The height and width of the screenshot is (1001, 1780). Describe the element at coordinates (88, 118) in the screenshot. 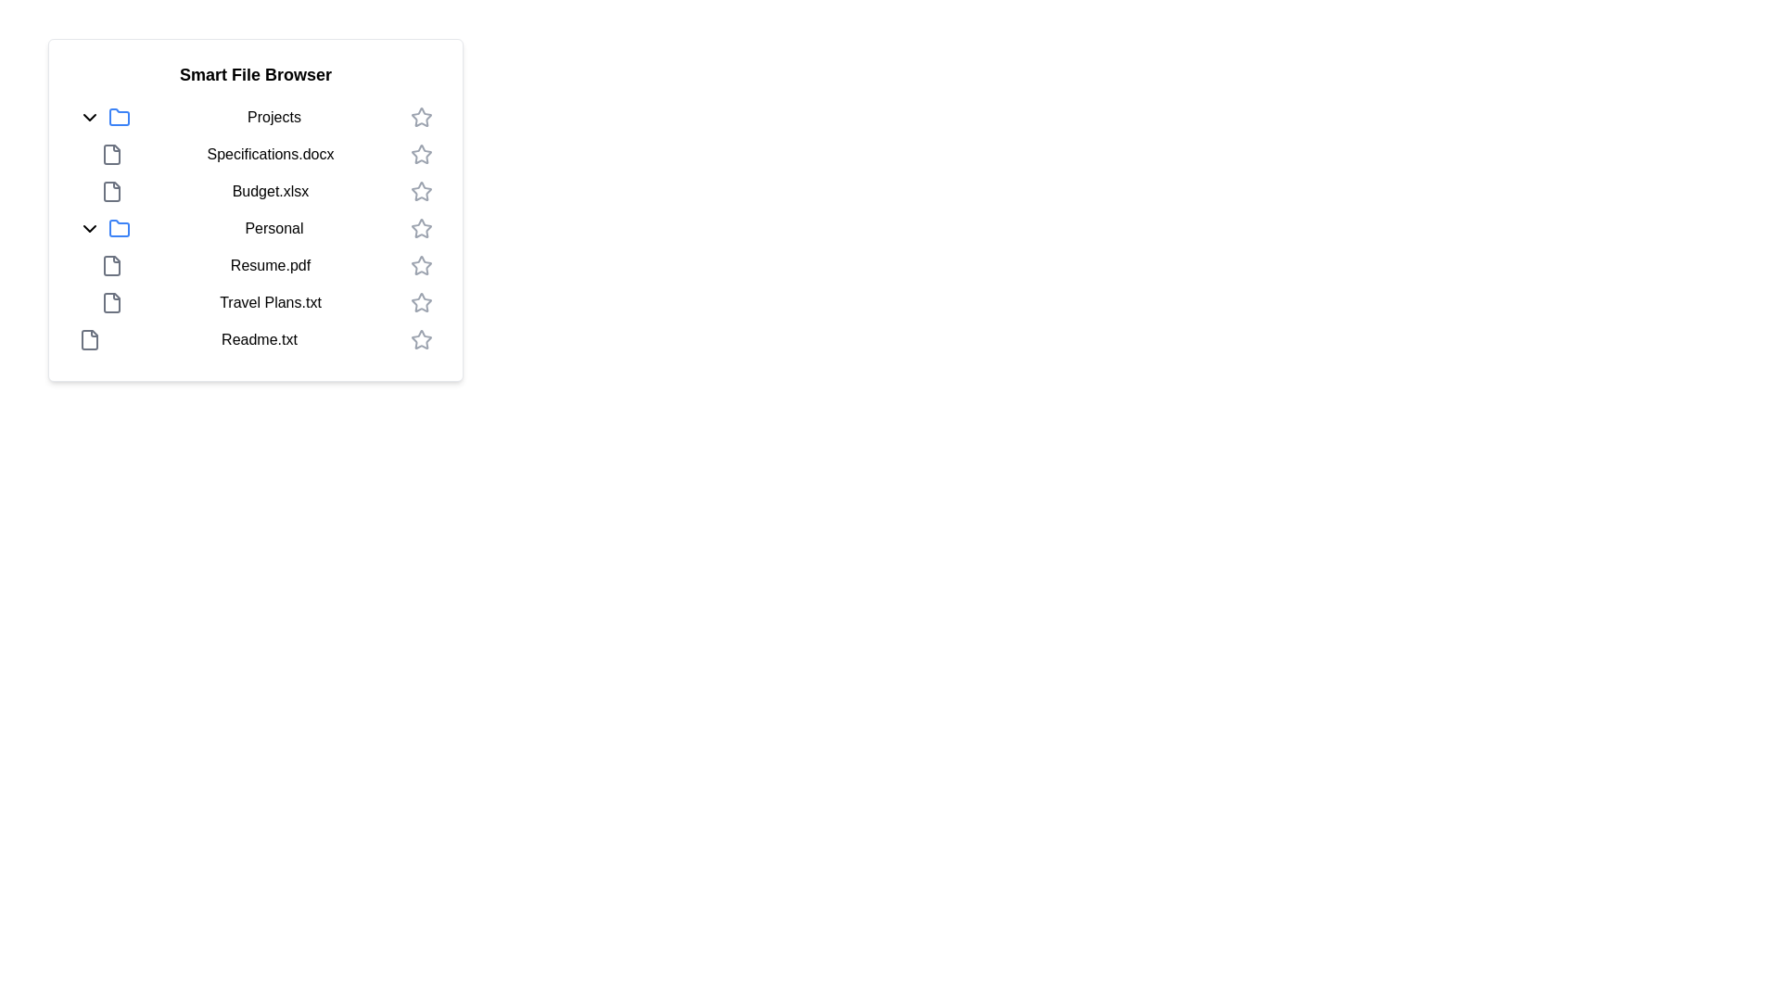

I see `the downward-facing chevron arrow dropdown indicator icon located to the left of the 'Projects' label in the file browser interface` at that location.